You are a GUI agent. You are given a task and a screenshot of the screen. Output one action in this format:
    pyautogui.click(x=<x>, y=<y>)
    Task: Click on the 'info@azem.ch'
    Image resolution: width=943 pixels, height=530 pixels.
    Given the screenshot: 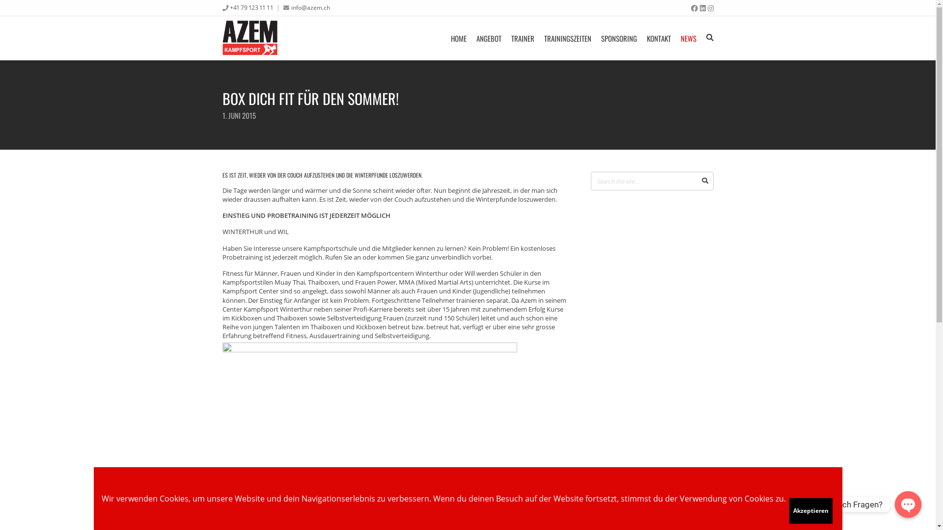 What is the action you would take?
    pyautogui.click(x=291, y=7)
    